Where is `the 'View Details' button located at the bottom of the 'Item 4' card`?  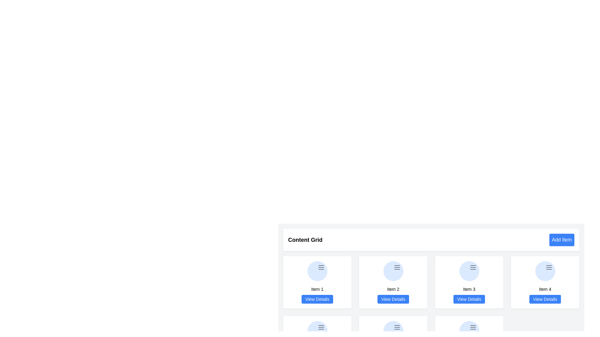 the 'View Details' button located at the bottom of the 'Item 4' card is located at coordinates (545, 299).